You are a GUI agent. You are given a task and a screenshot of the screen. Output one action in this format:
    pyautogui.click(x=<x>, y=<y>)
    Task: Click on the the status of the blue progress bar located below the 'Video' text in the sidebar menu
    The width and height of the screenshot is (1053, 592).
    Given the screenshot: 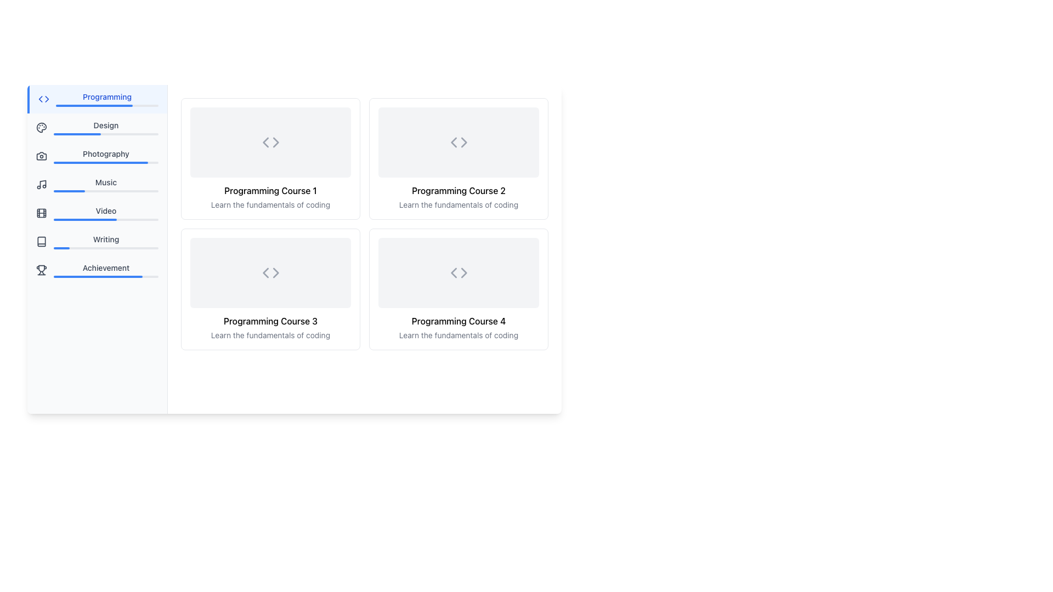 What is the action you would take?
    pyautogui.click(x=106, y=213)
    